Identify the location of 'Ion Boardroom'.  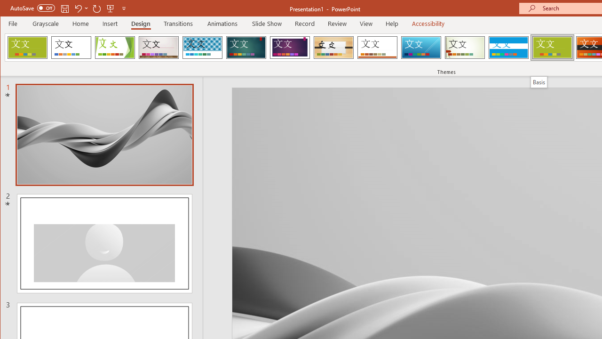
(289, 47).